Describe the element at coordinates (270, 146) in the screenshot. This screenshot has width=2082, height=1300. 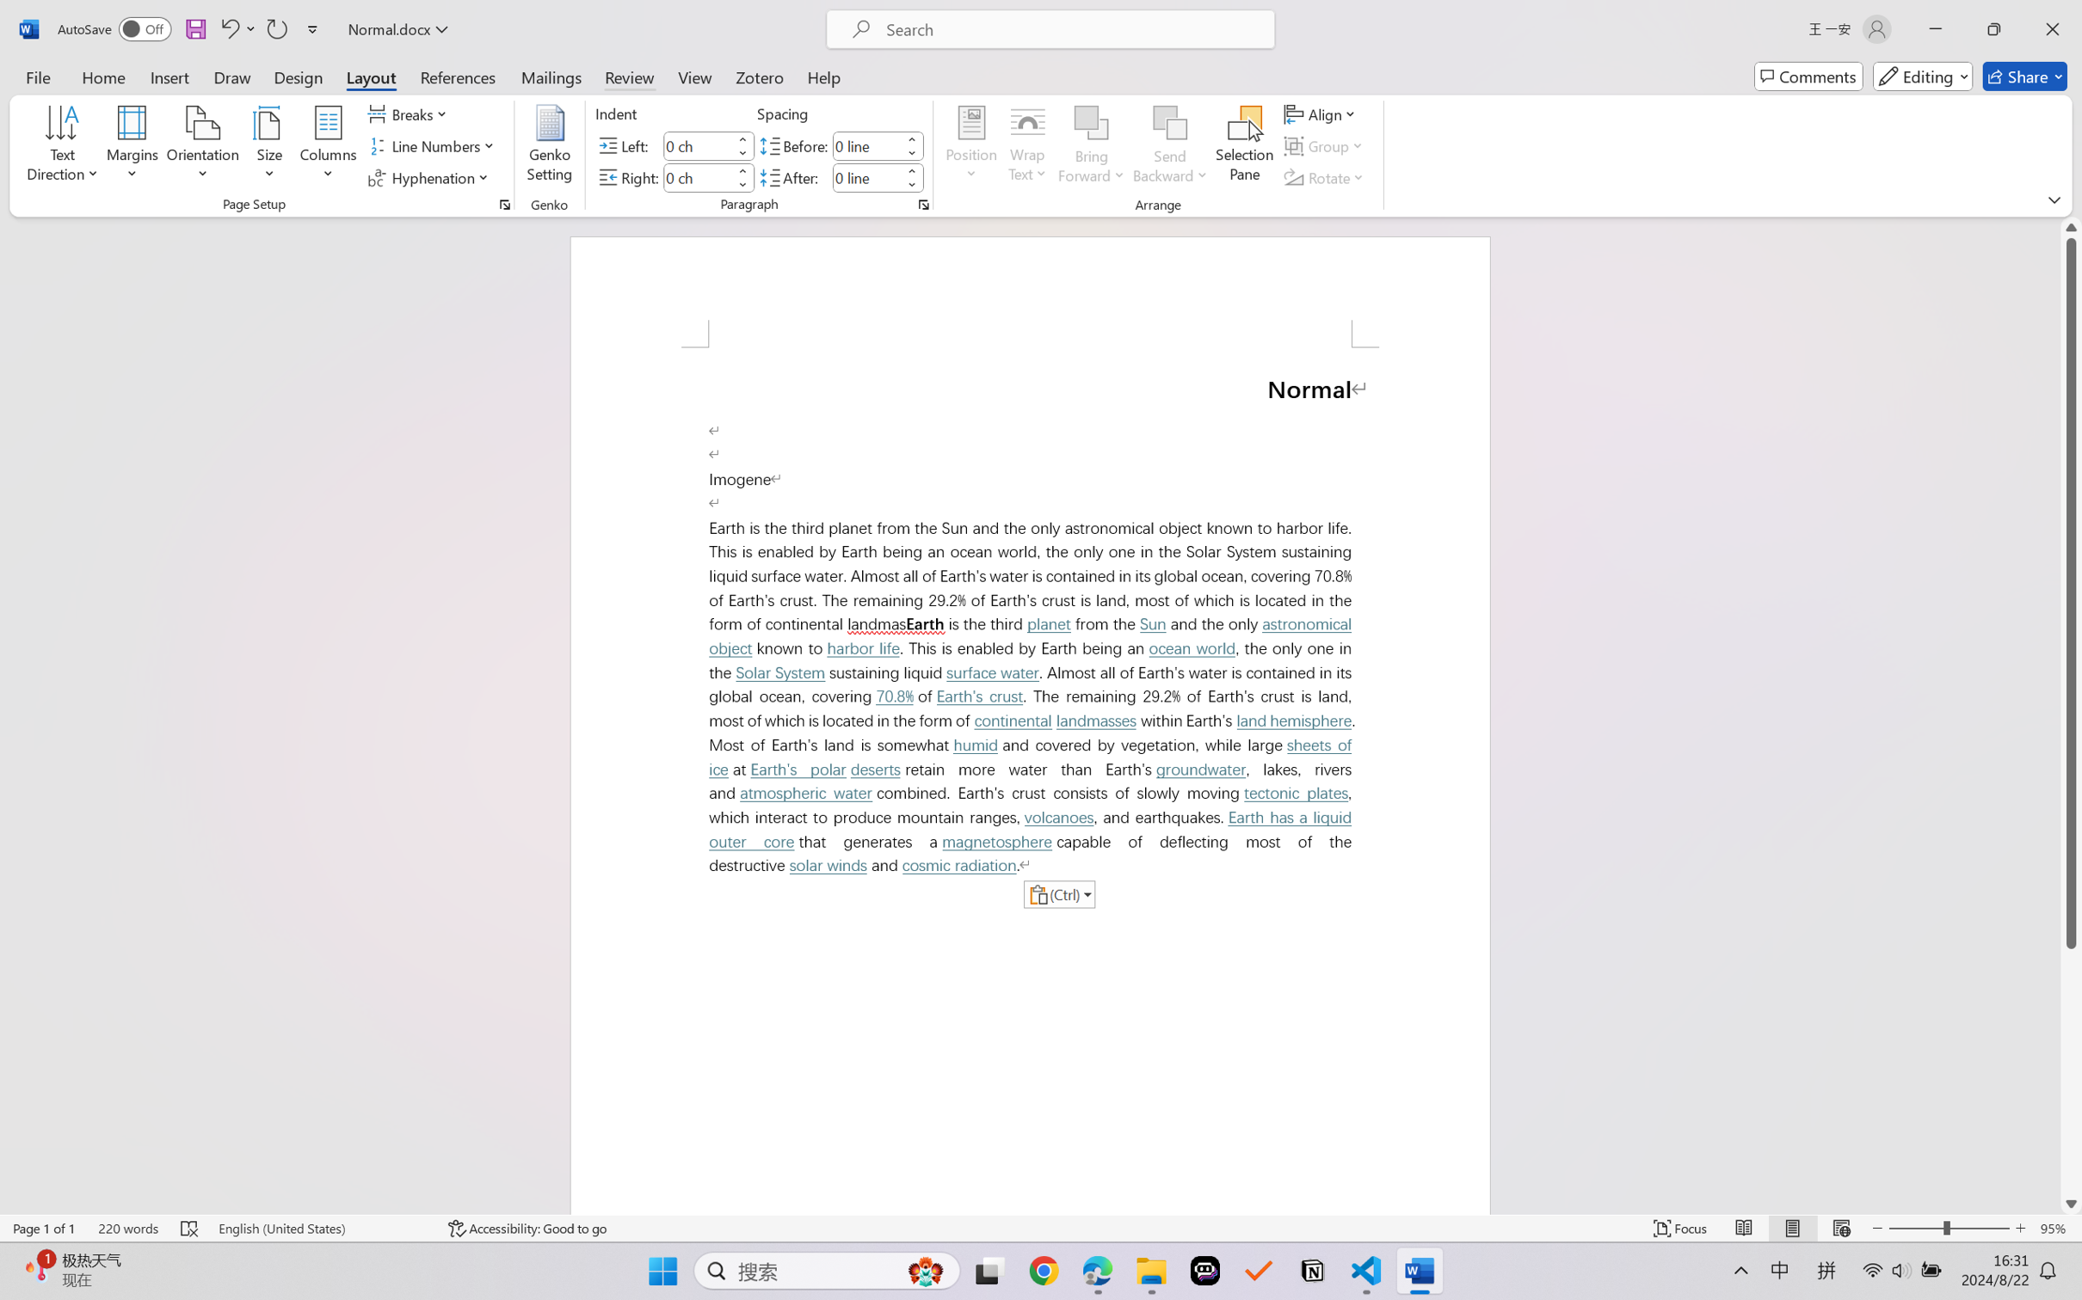
I see `'Size'` at that location.